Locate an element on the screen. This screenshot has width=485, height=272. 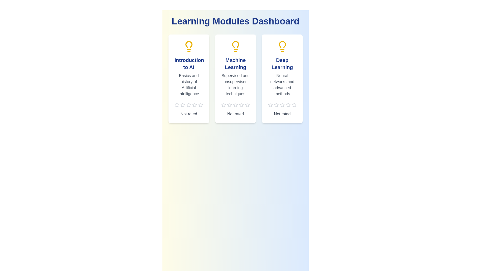
the rating of a module to 4 stars by clicking on the corresponding star is located at coordinates (194, 105).